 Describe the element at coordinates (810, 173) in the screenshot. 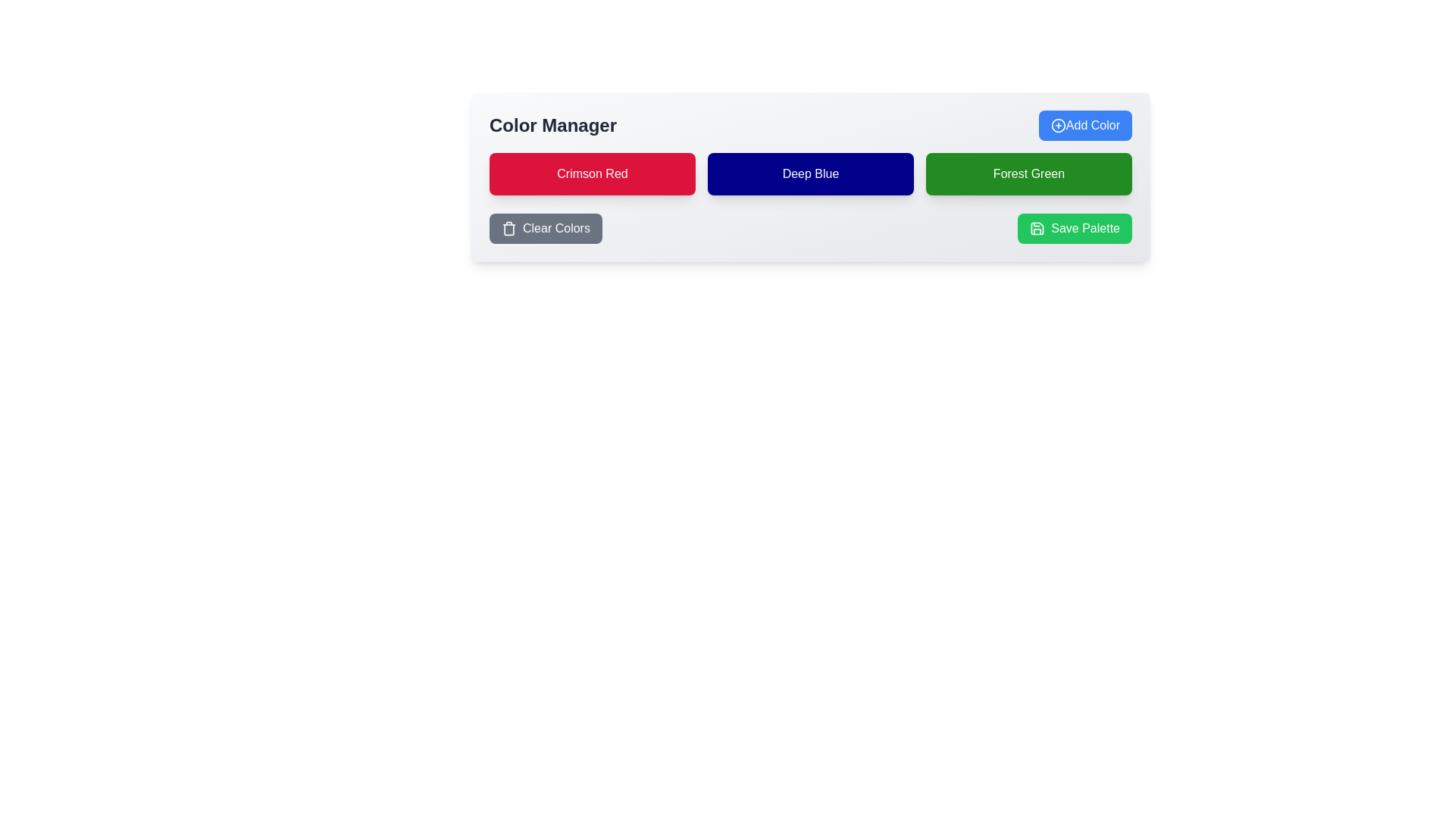

I see `the middle color block representing 'Deep Blue' in the color palette management interface, located in the 'Color Manager' section` at that location.